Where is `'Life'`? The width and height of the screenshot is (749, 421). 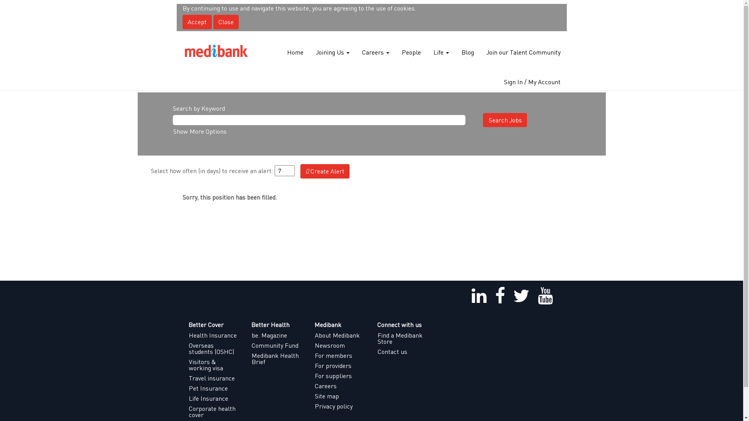 'Life' is located at coordinates (432, 52).